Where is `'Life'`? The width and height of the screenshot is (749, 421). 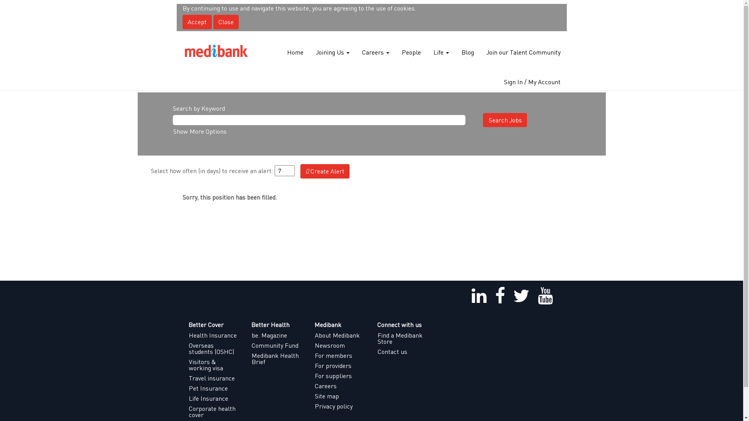 'Life' is located at coordinates (432, 52).